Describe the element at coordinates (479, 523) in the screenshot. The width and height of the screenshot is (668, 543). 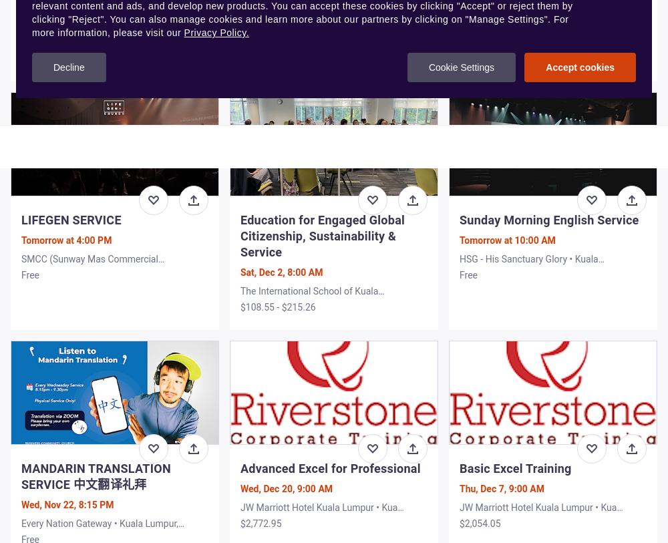
I see `'$2,054.05'` at that location.